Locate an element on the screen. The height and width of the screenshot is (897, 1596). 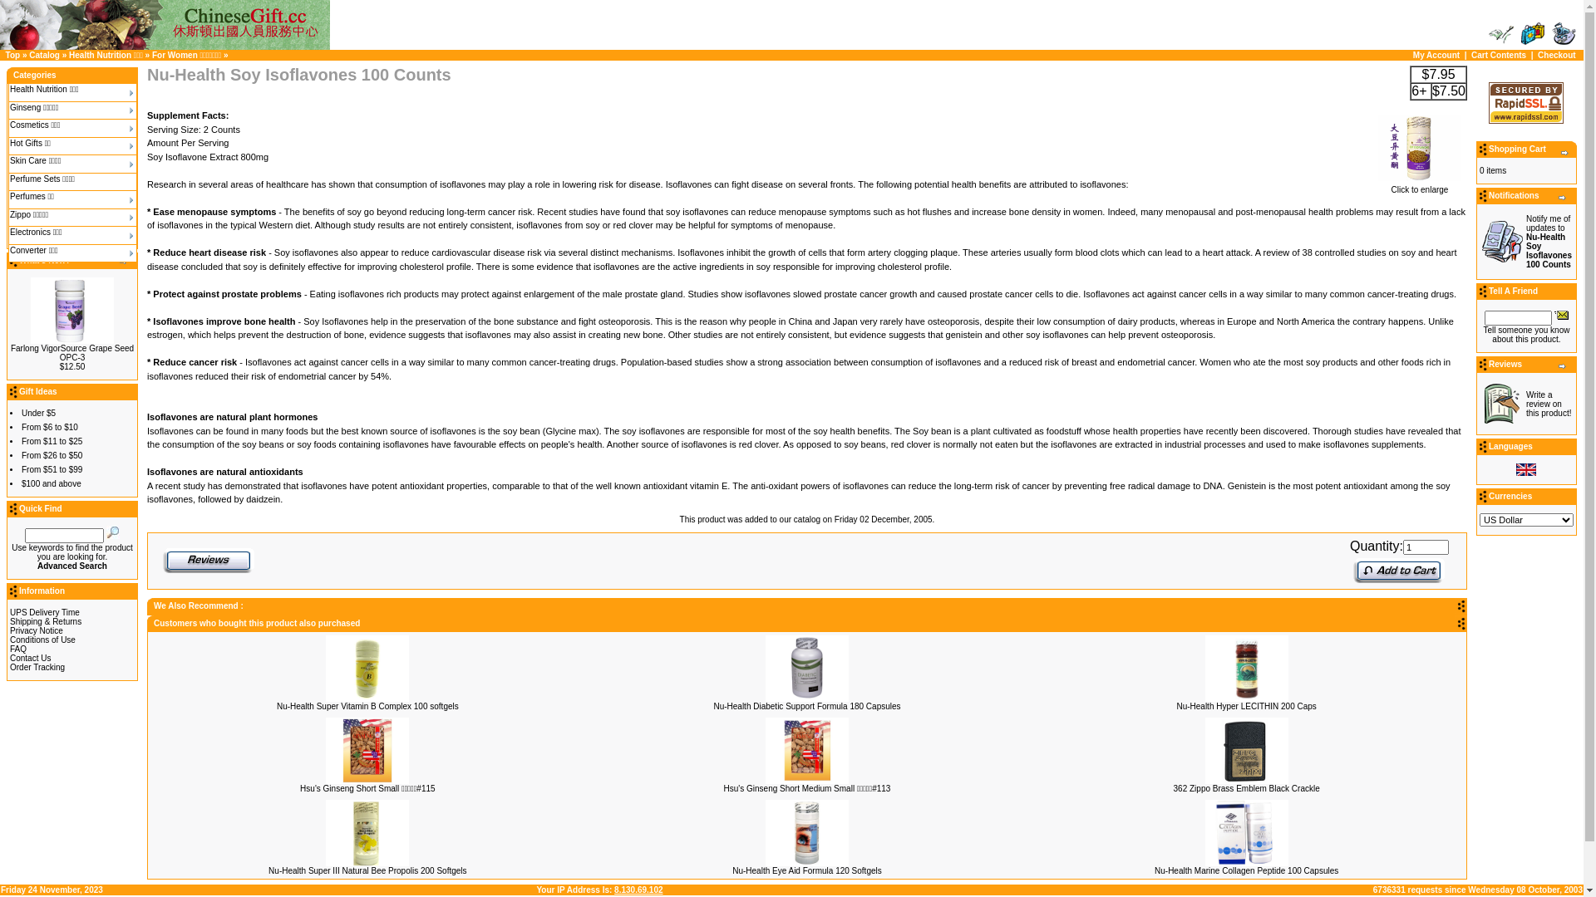
' Nu-Health Soy Isoflavones 100 Counts ' is located at coordinates (1419, 146).